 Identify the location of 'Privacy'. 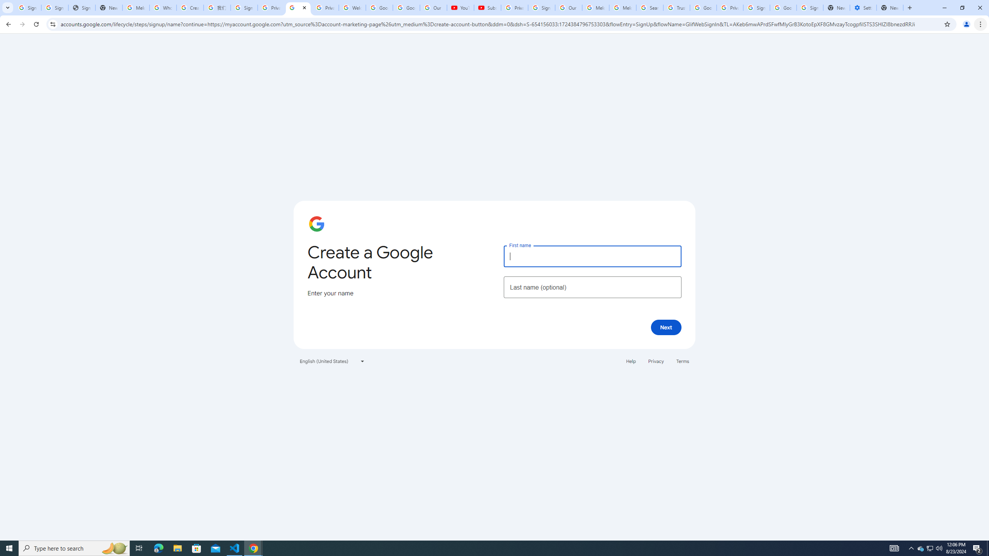
(655, 361).